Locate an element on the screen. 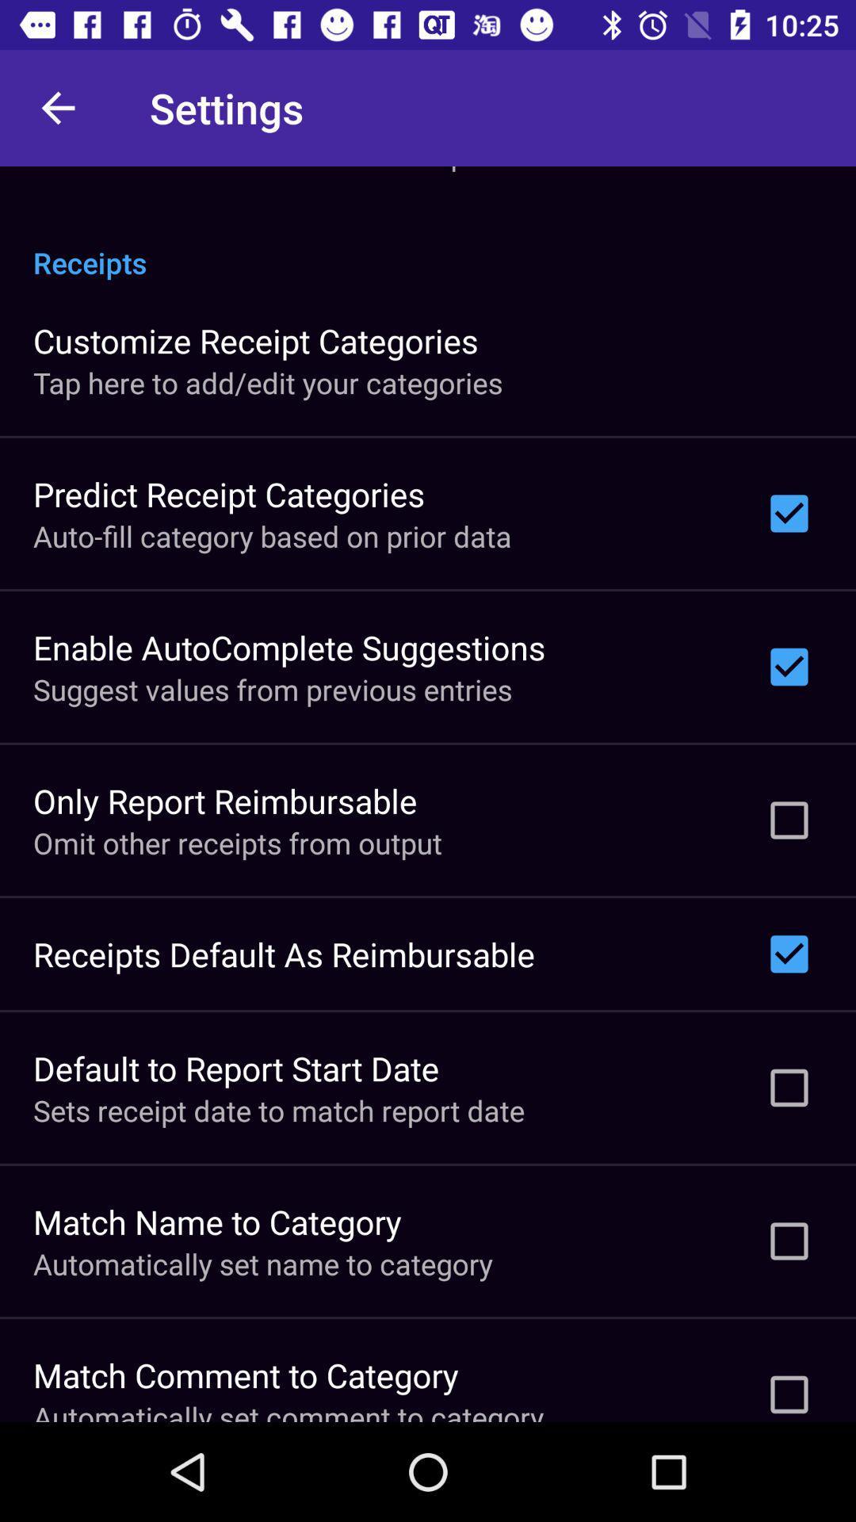 This screenshot has height=1522, width=856. the icon below the default to report item is located at coordinates (278, 1110).